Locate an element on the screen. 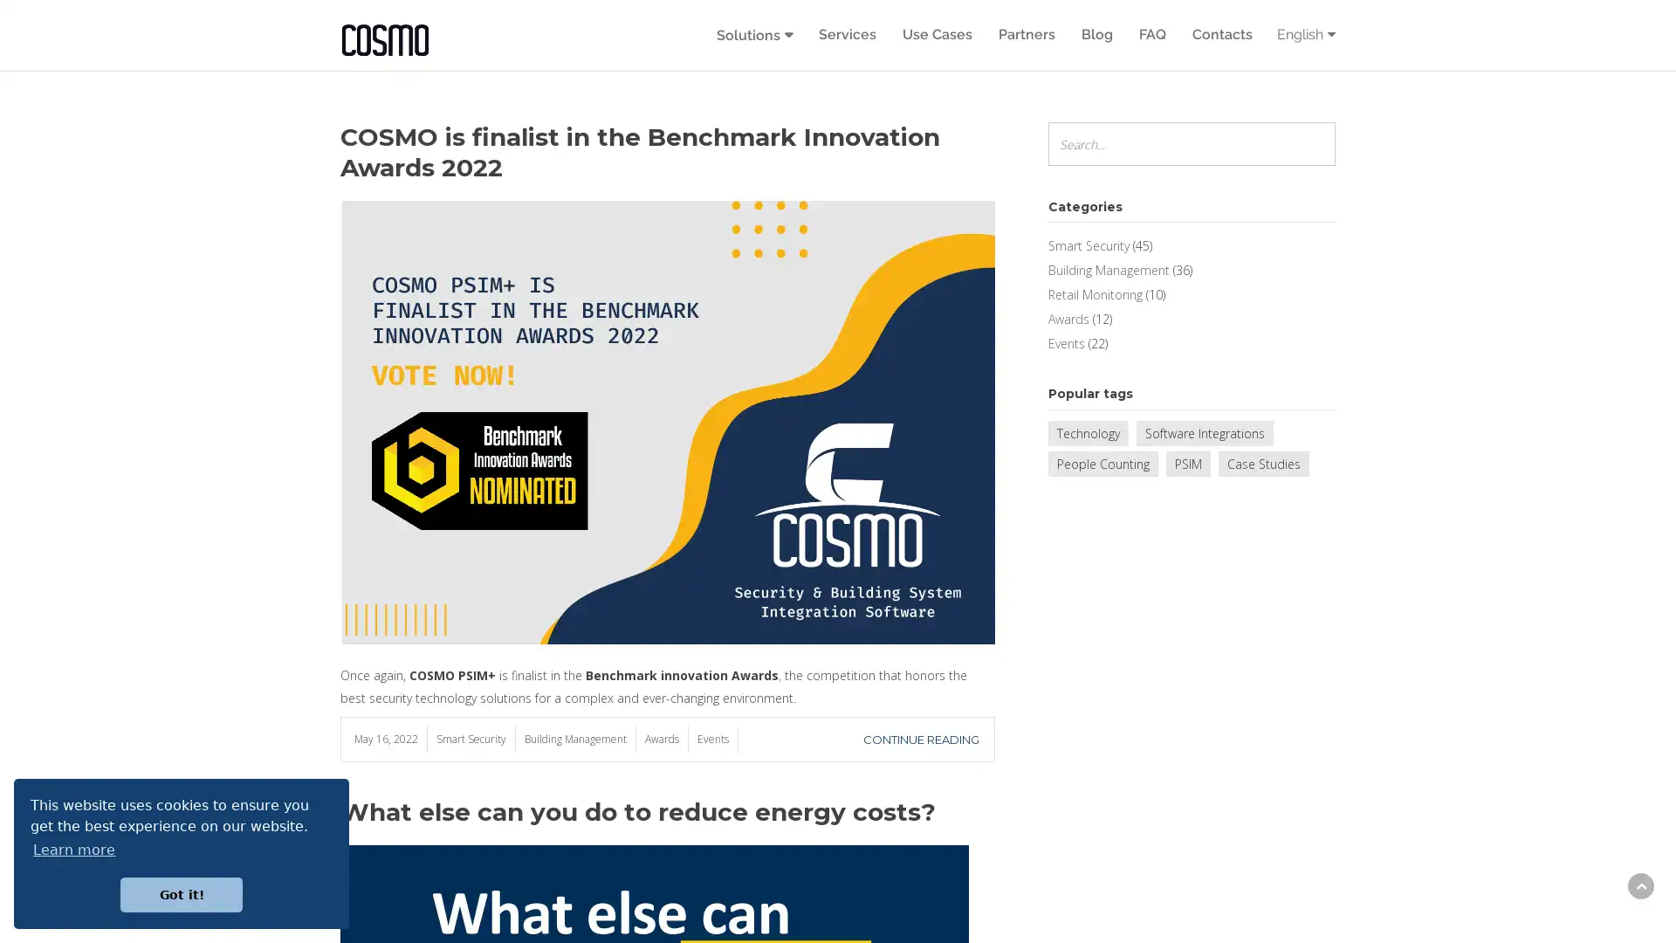 The width and height of the screenshot is (1676, 943). dismiss cookie message is located at coordinates (181, 894).